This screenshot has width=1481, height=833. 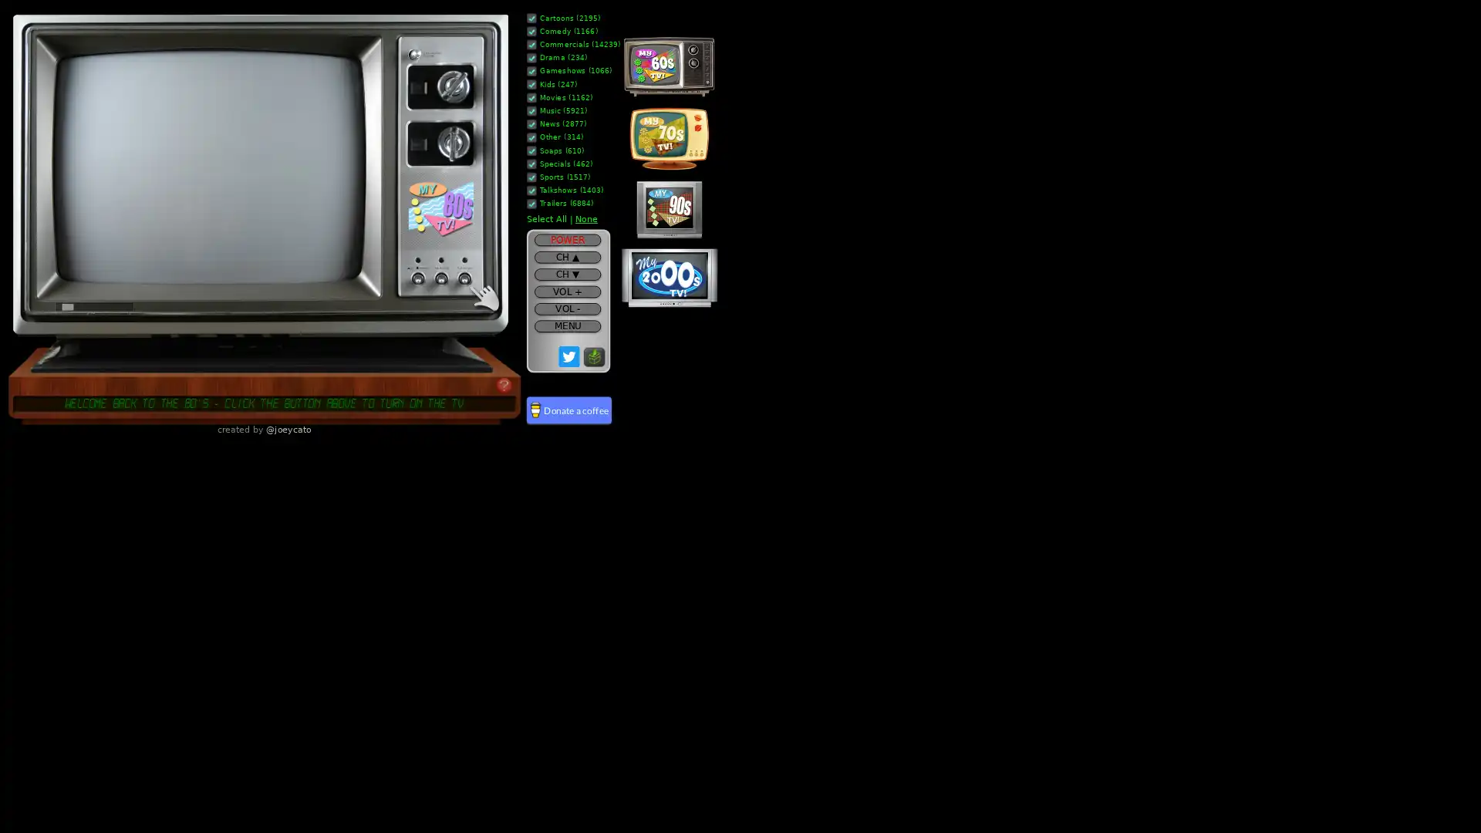 What do you see at coordinates (566, 292) in the screenshot?
I see `VOL +` at bounding box center [566, 292].